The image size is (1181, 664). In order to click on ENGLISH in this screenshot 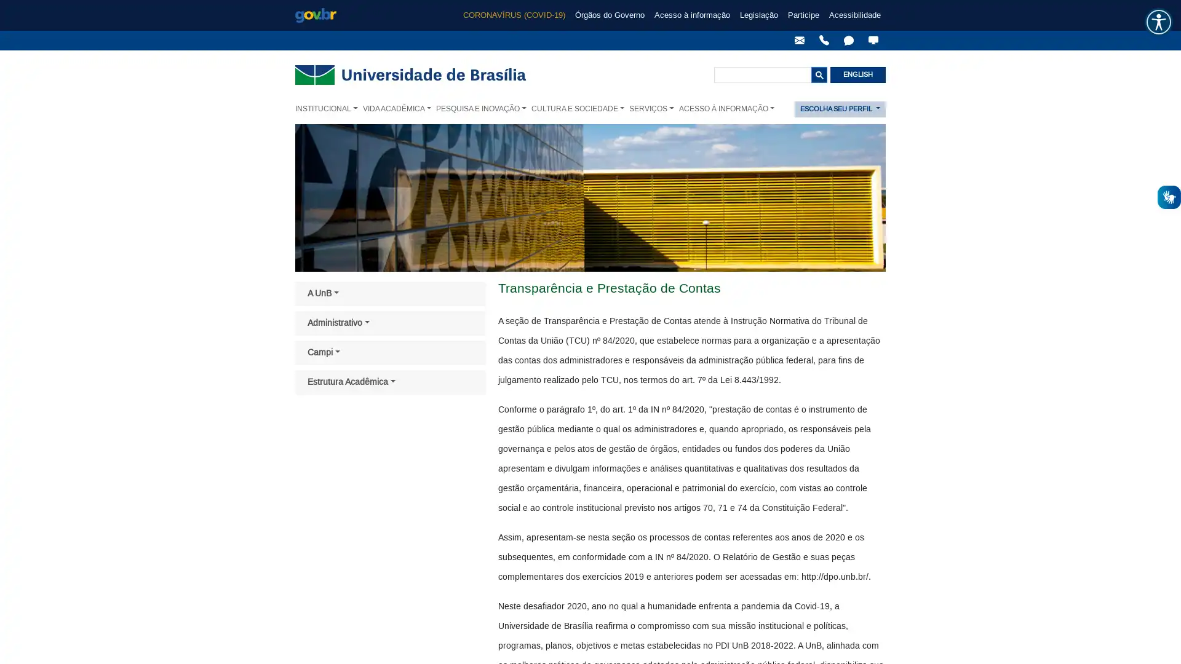, I will do `click(857, 75)`.